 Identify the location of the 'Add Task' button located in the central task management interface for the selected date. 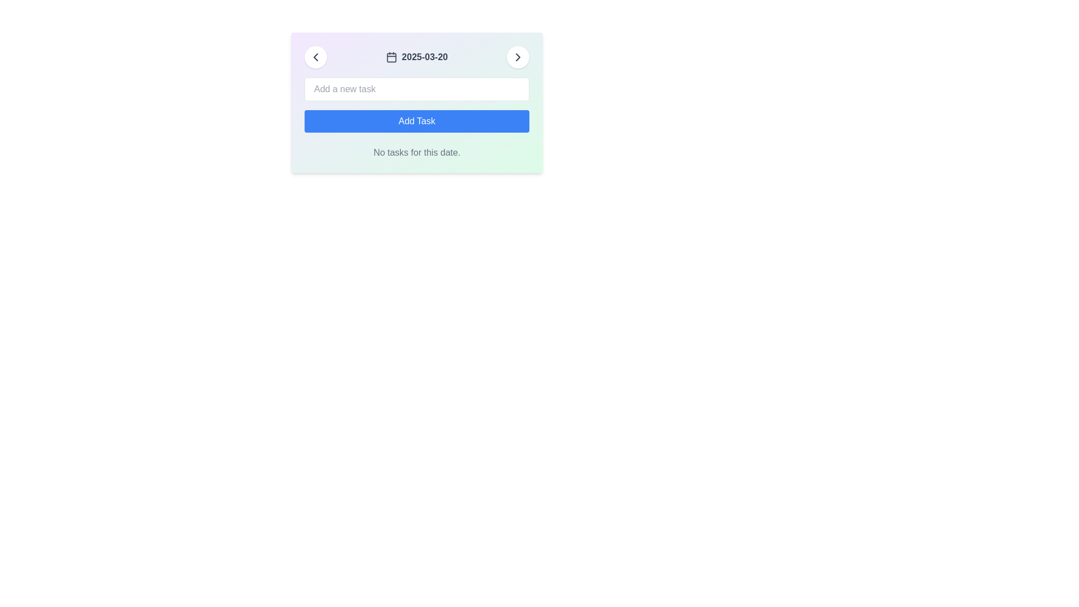
(416, 102).